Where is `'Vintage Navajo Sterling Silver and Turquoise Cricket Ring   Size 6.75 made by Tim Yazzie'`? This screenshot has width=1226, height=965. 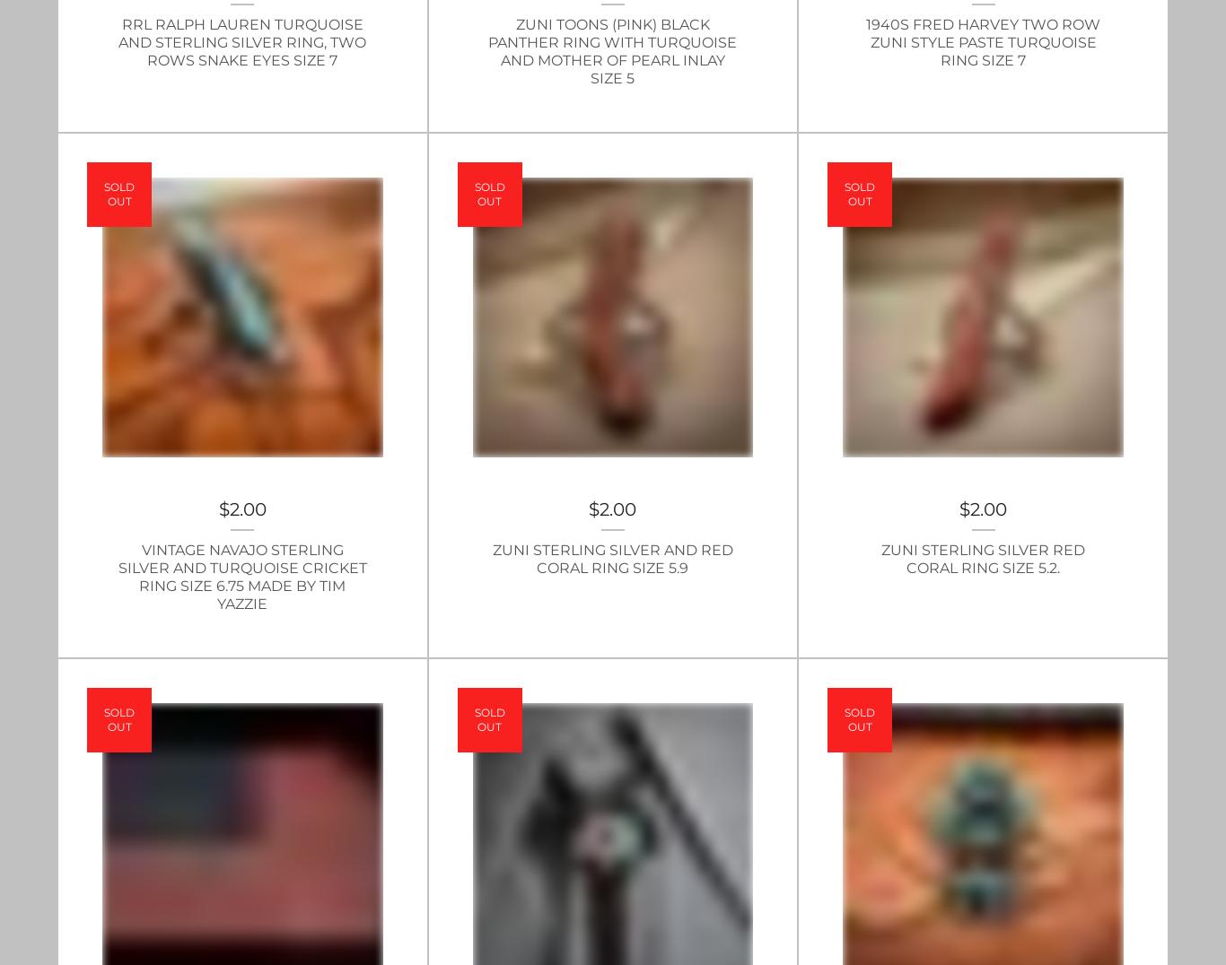 'Vintage Navajo Sterling Silver and Turquoise Cricket Ring   Size 6.75 made by Tim Yazzie' is located at coordinates (116, 576).